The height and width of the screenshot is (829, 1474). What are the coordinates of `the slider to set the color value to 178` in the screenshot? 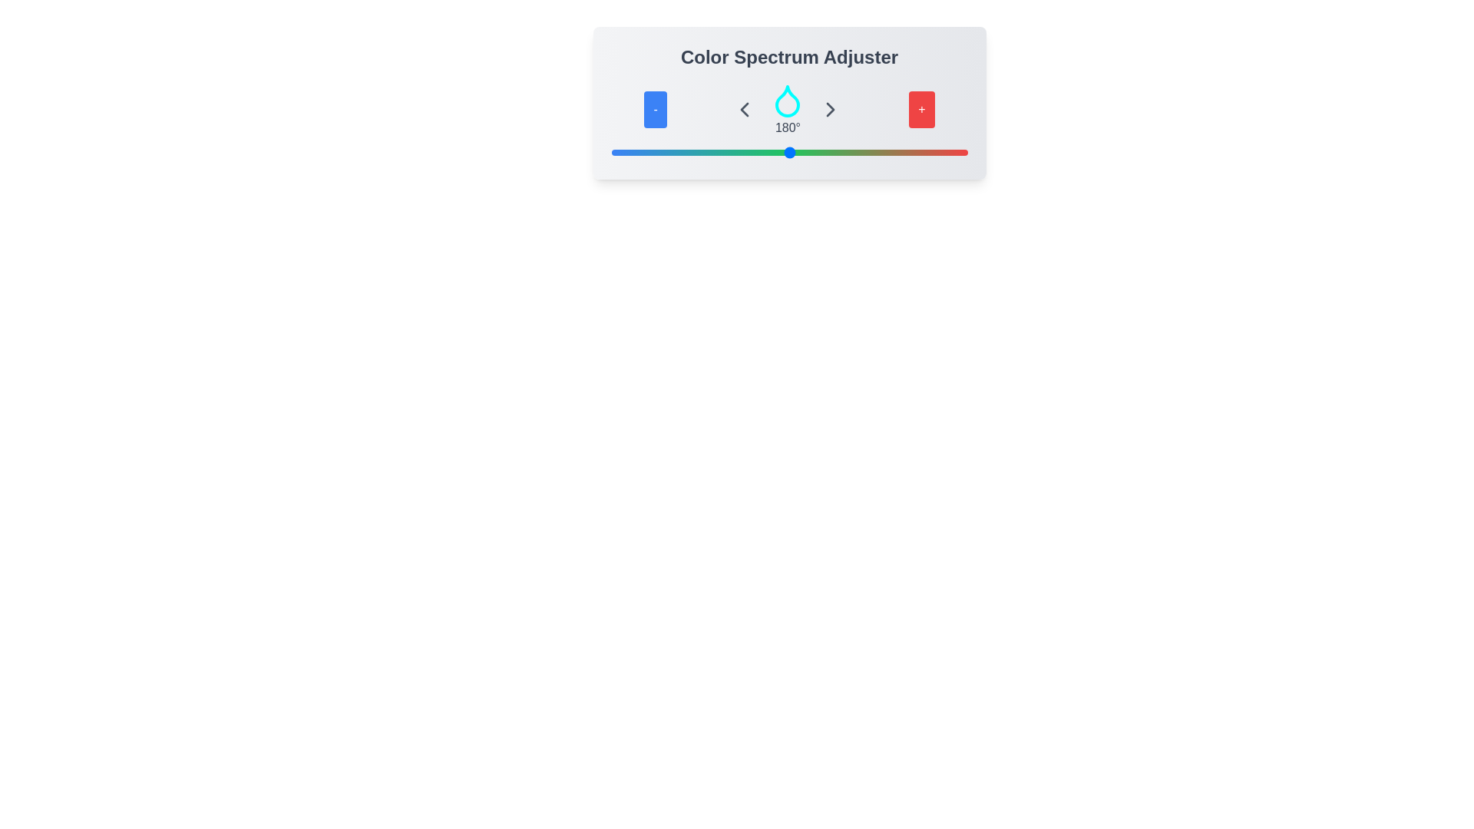 It's located at (787, 153).